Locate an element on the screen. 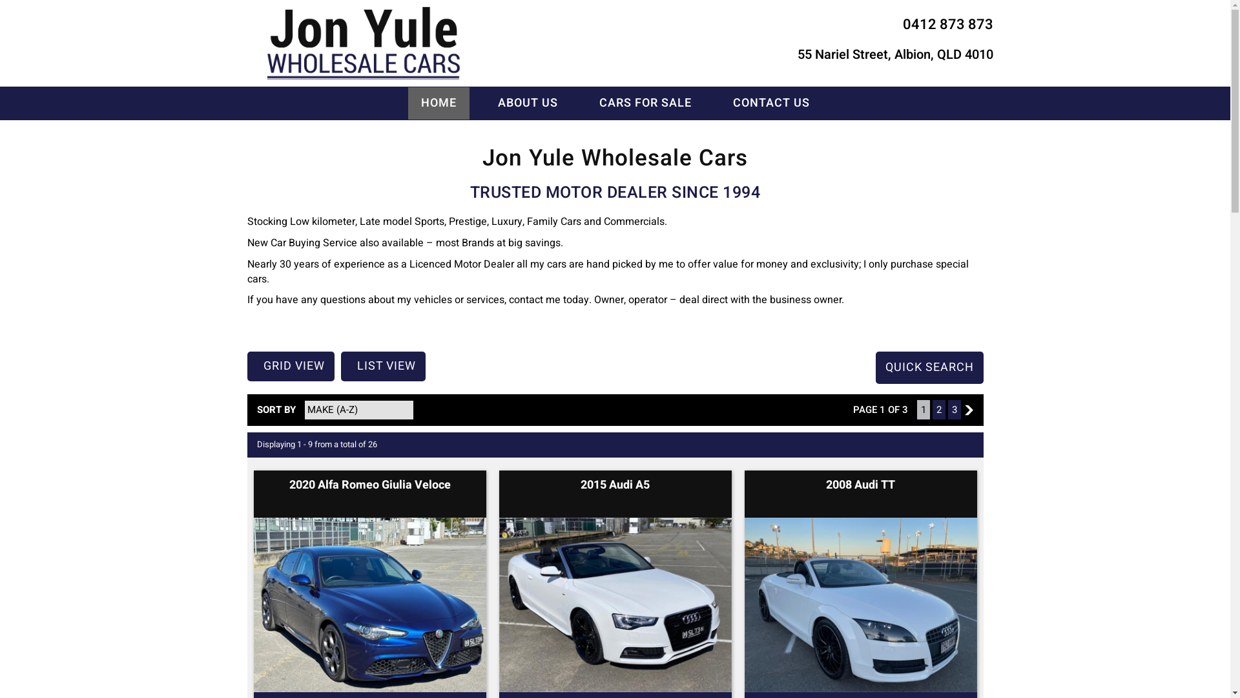  '2' is located at coordinates (968, 410).